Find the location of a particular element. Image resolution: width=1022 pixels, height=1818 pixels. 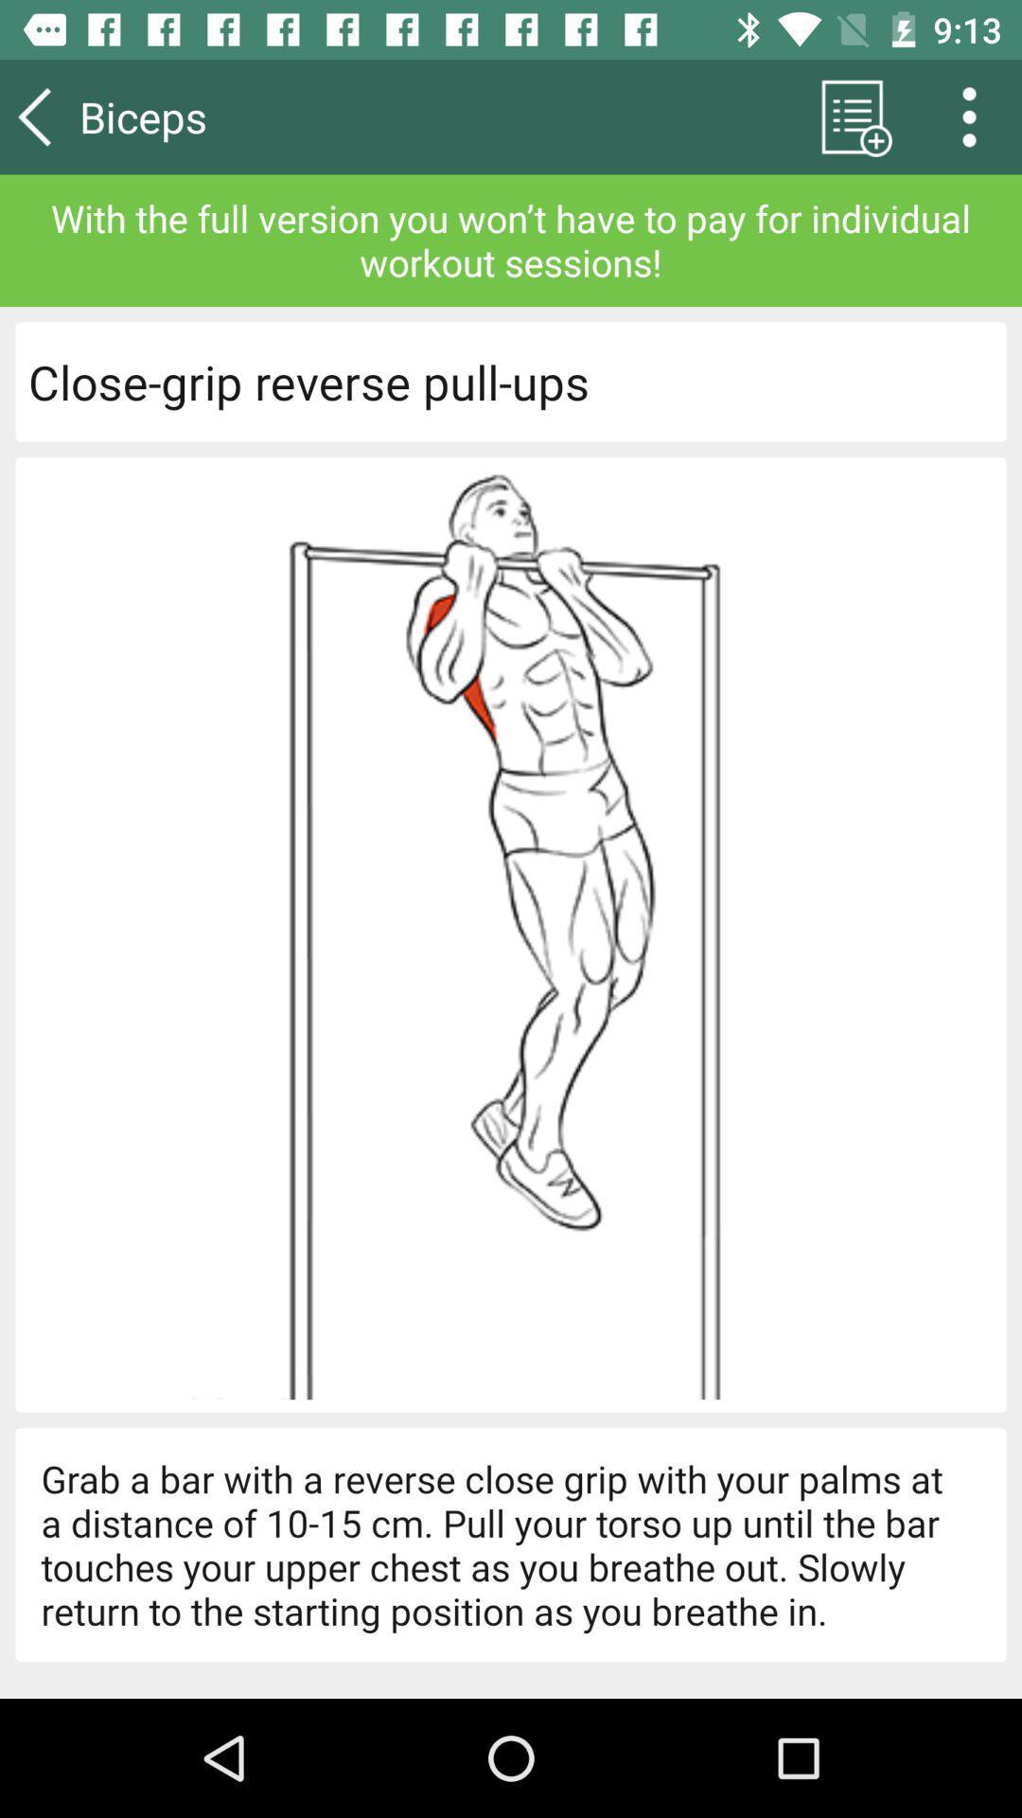

item to the right of biceps app is located at coordinates (852, 116).